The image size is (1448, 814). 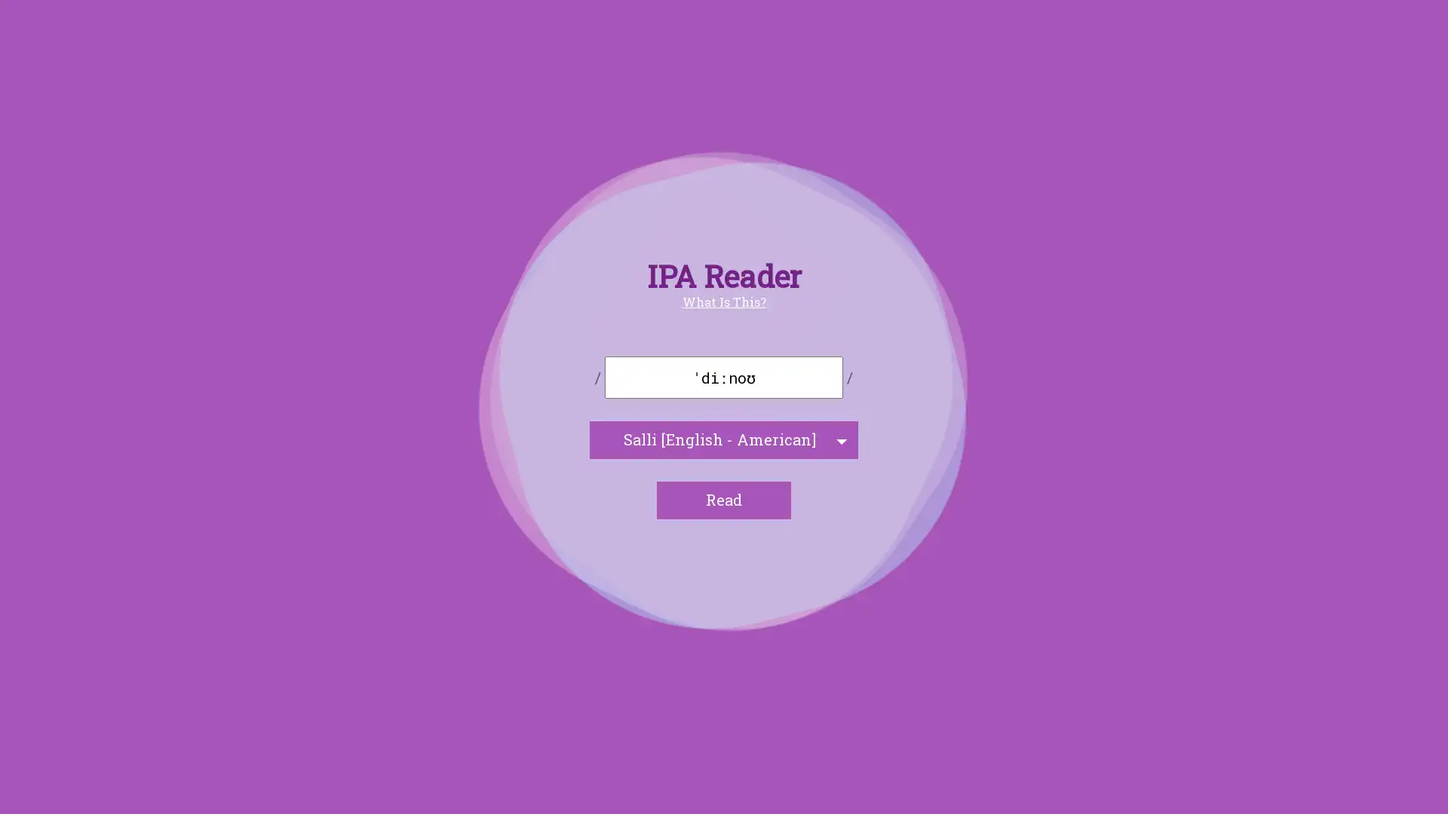 What do you see at coordinates (724, 500) in the screenshot?
I see `Read` at bounding box center [724, 500].